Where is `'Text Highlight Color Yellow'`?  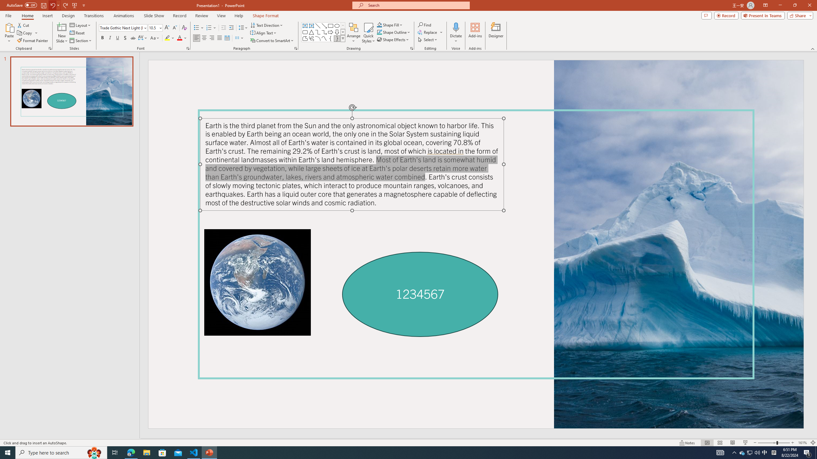 'Text Highlight Color Yellow' is located at coordinates (167, 38).